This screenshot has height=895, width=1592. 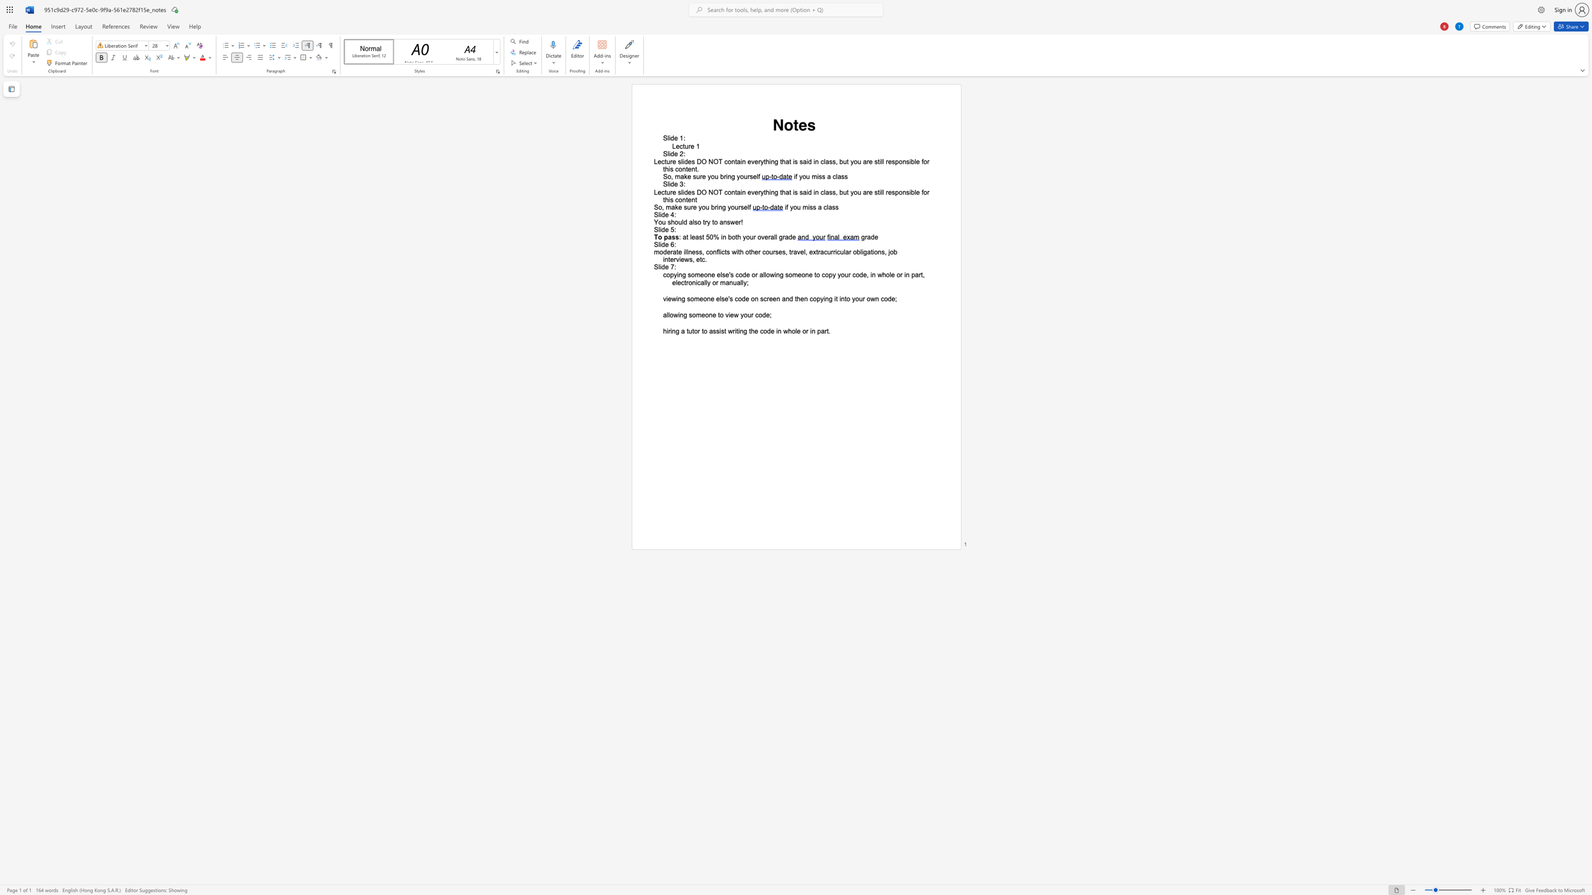 What do you see at coordinates (702, 175) in the screenshot?
I see `the space between the continuous character "r" and "e" in the text` at bounding box center [702, 175].